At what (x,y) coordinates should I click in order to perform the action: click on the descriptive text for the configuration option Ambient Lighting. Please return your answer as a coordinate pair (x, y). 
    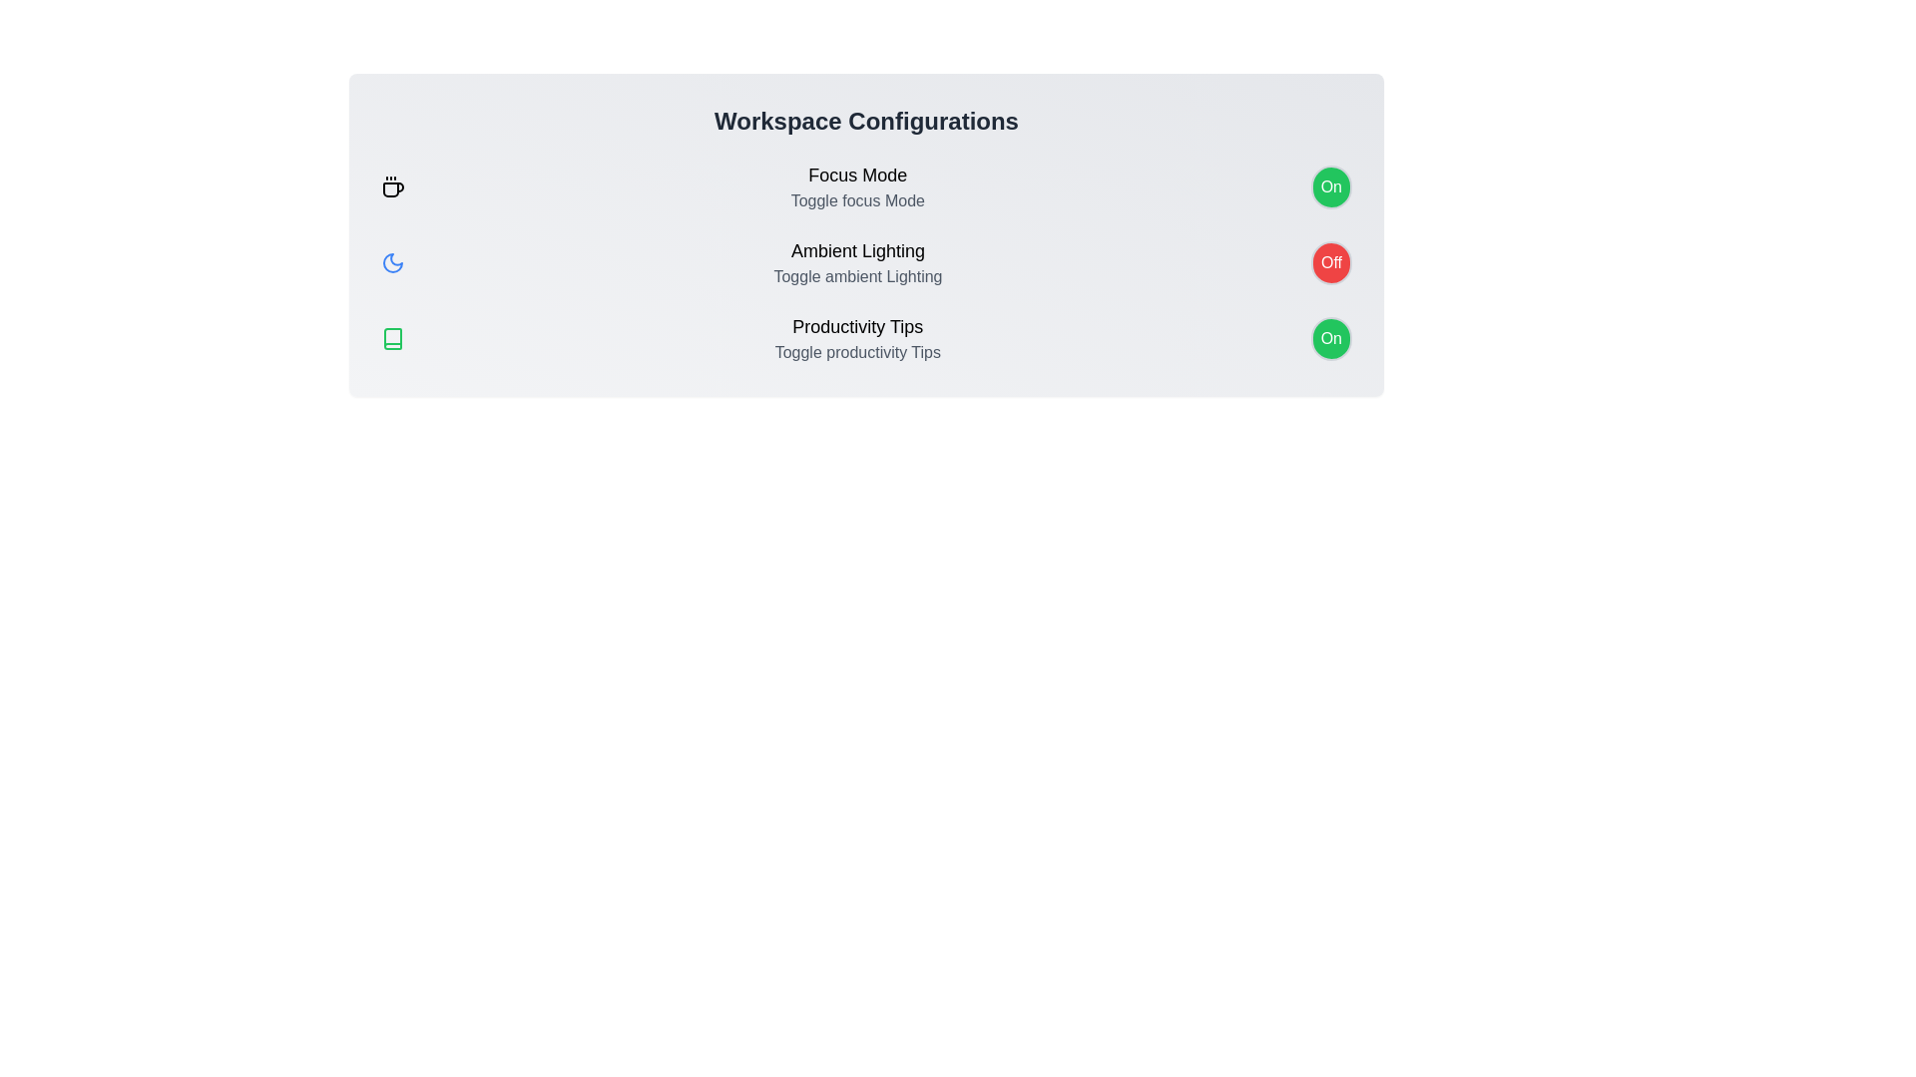
    Looking at the image, I should click on (857, 249).